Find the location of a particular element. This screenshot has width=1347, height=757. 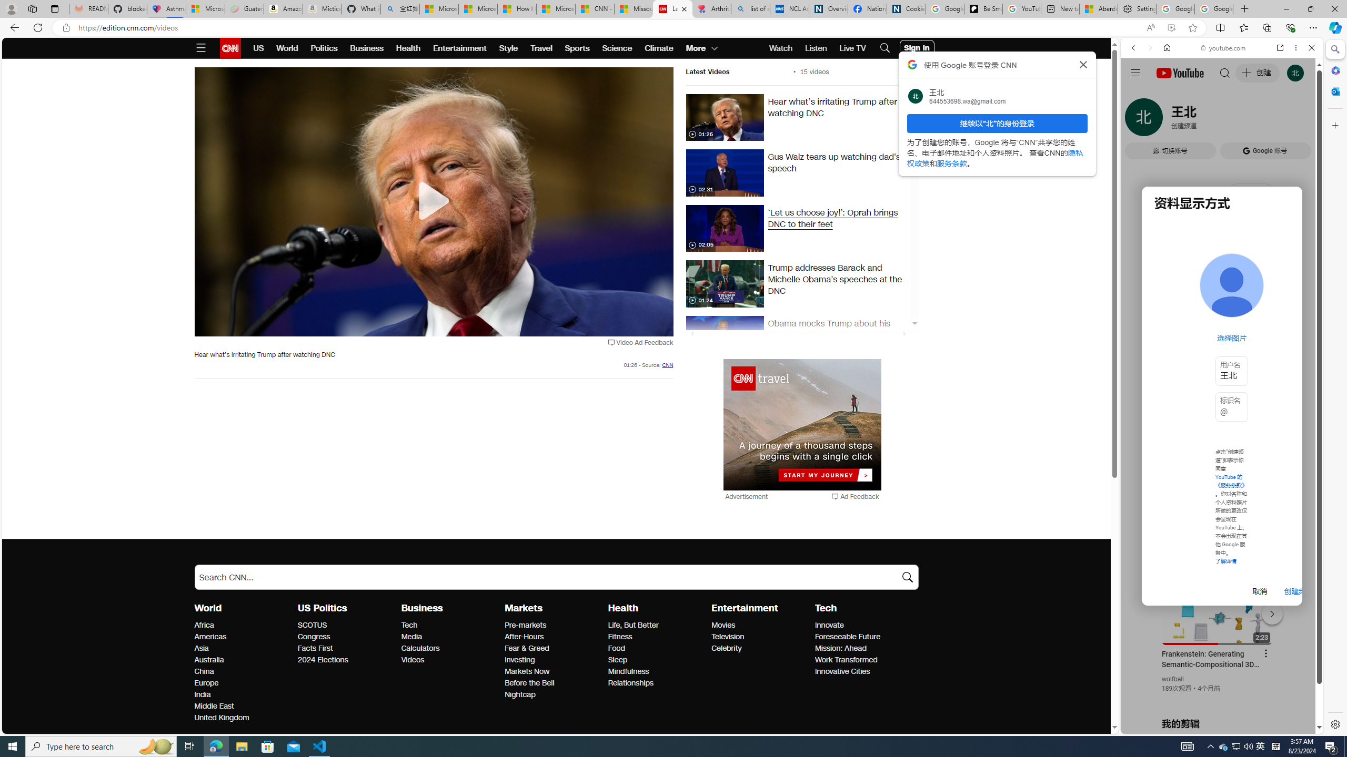

'Innovative Cities' is located at coordinates (862, 672).